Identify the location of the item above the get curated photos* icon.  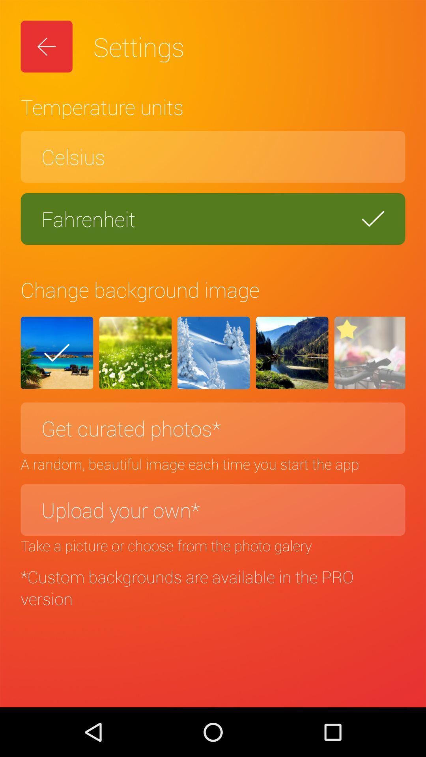
(292, 352).